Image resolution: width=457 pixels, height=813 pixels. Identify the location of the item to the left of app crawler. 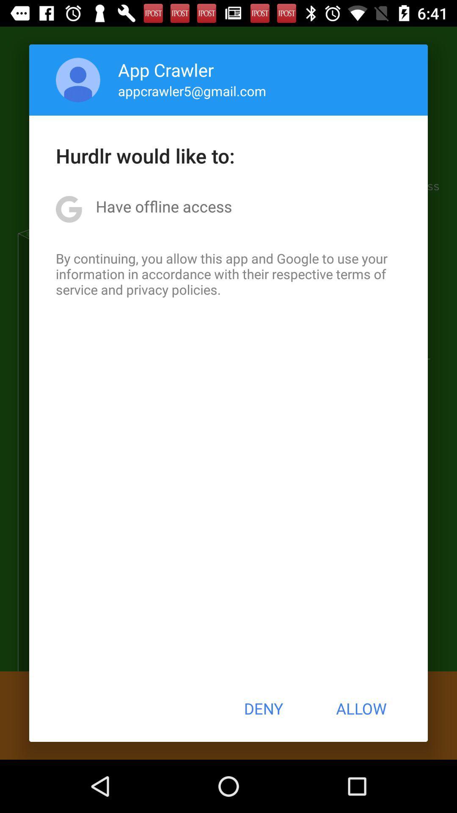
(78, 80).